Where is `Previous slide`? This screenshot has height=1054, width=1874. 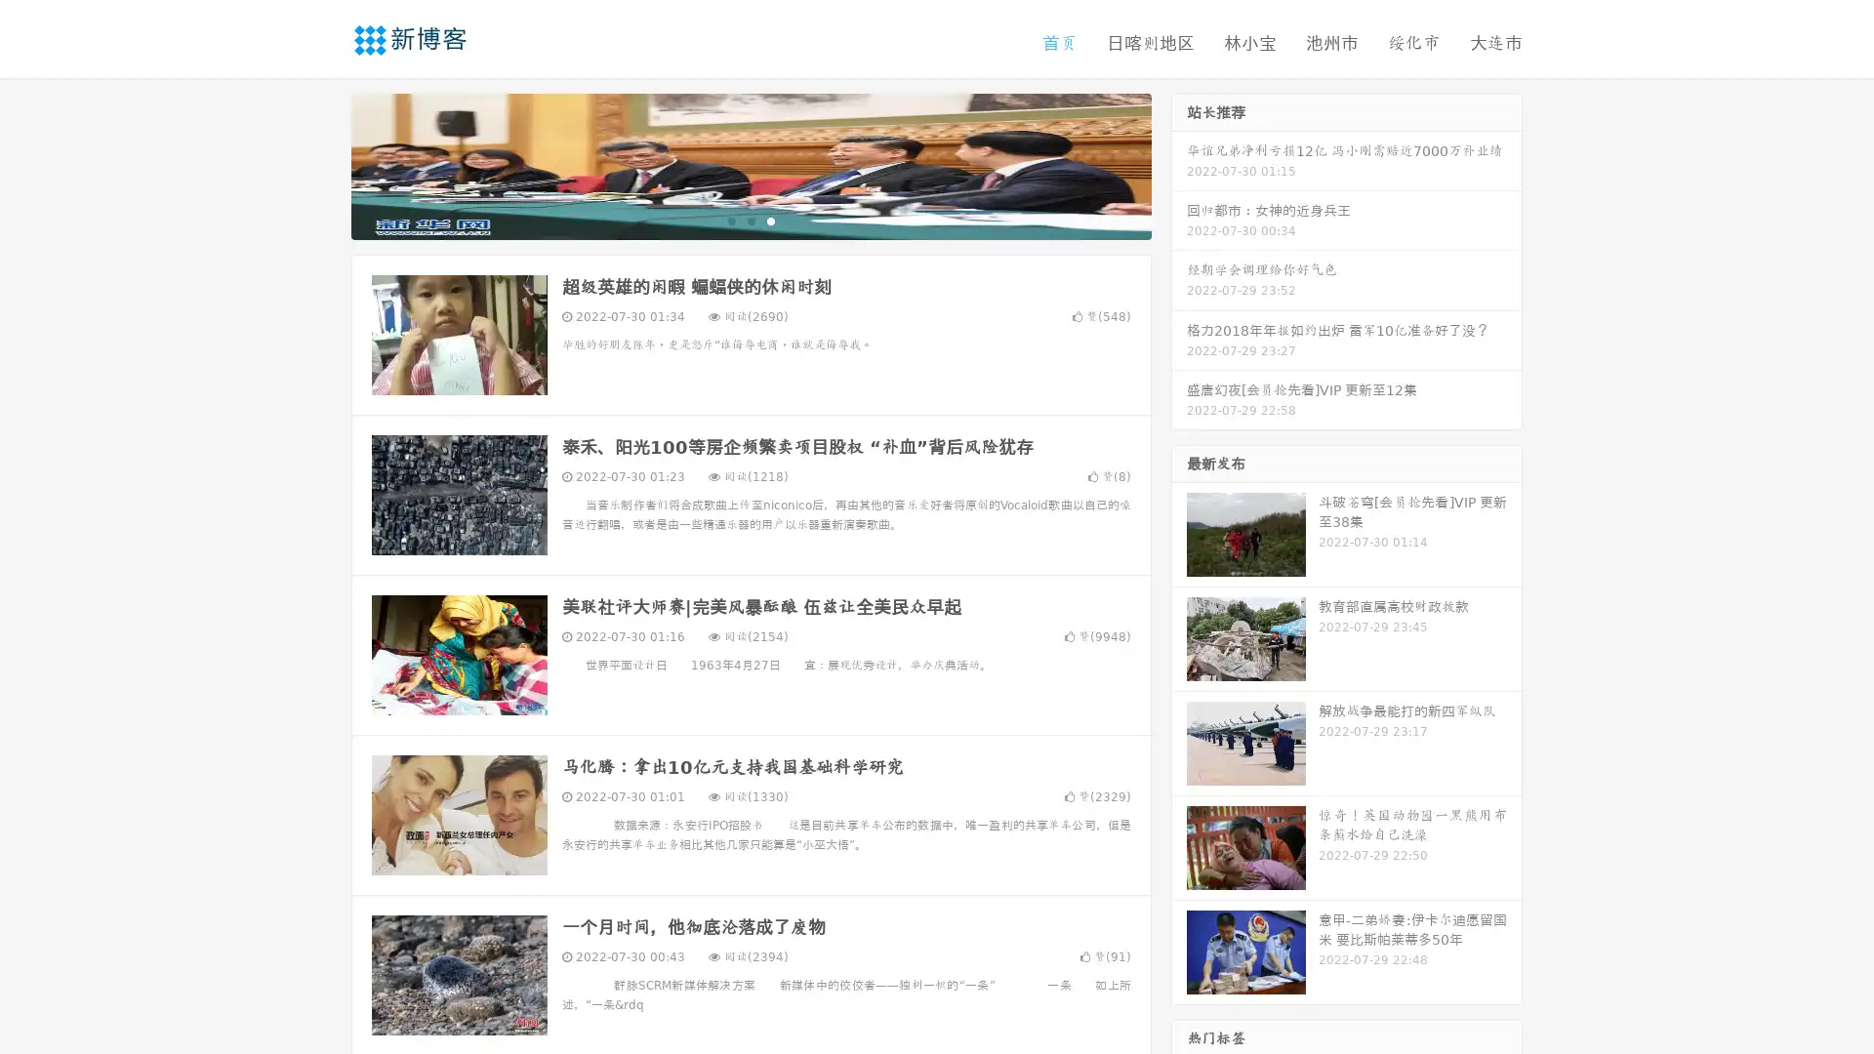 Previous slide is located at coordinates (322, 164).